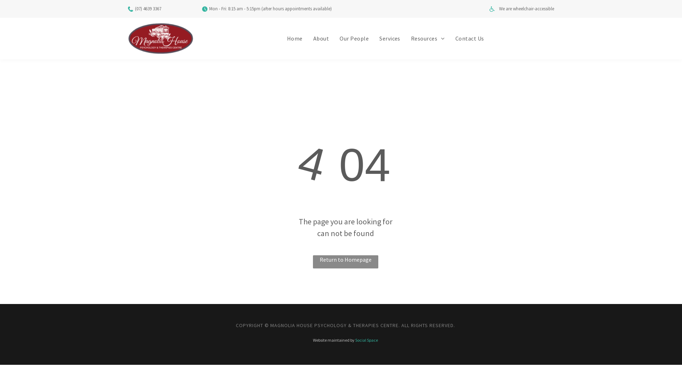 This screenshot has width=682, height=384. What do you see at coordinates (450, 38) in the screenshot?
I see `'Contact Us'` at bounding box center [450, 38].